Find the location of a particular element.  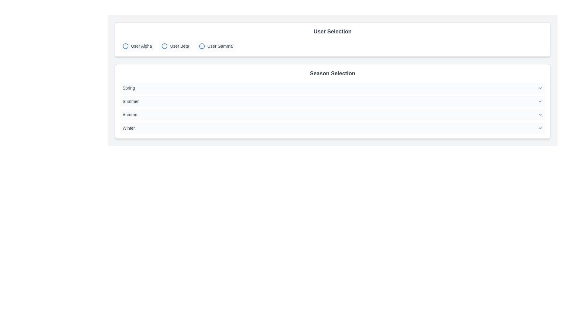

the circular radio button indicator for 'User Beta' is located at coordinates (165, 46).